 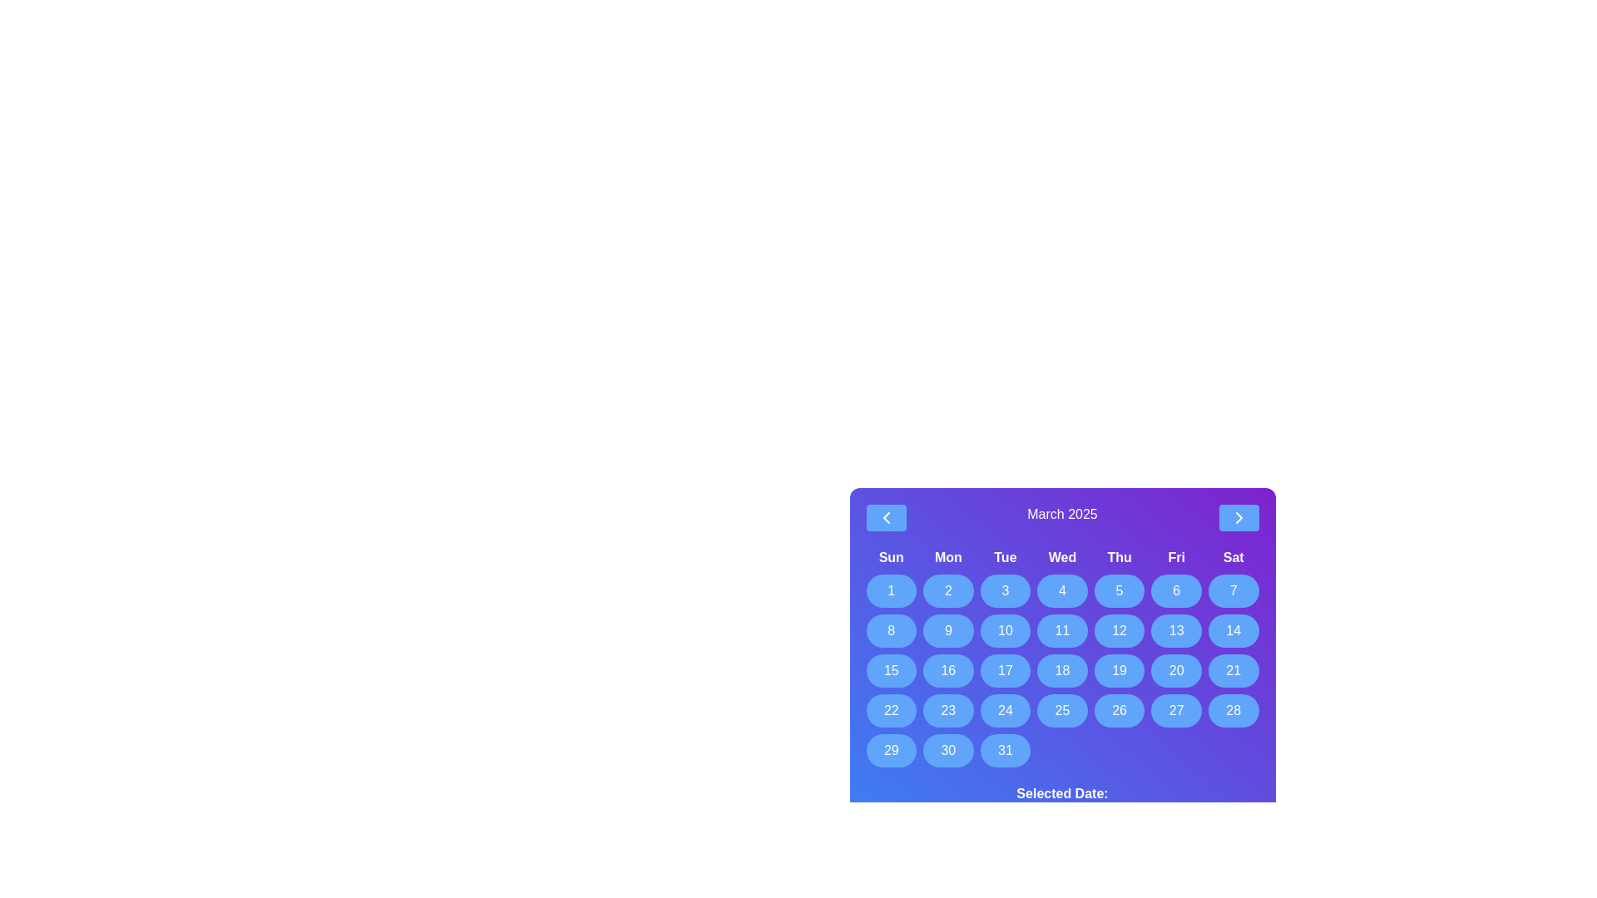 What do you see at coordinates (885, 517) in the screenshot?
I see `the small blue rectangular button with rounded corners containing a left-pointing chevron icon, located in the top-left corner of the calendar interface` at bounding box center [885, 517].